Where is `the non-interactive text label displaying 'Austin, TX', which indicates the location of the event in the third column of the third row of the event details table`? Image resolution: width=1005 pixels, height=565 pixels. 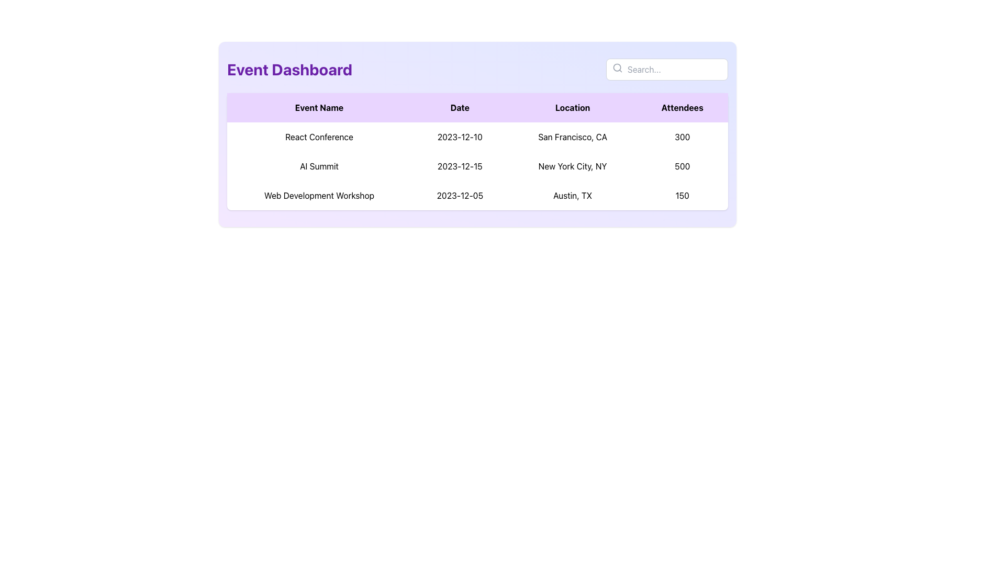 the non-interactive text label displaying 'Austin, TX', which indicates the location of the event in the third column of the third row of the event details table is located at coordinates (572, 196).